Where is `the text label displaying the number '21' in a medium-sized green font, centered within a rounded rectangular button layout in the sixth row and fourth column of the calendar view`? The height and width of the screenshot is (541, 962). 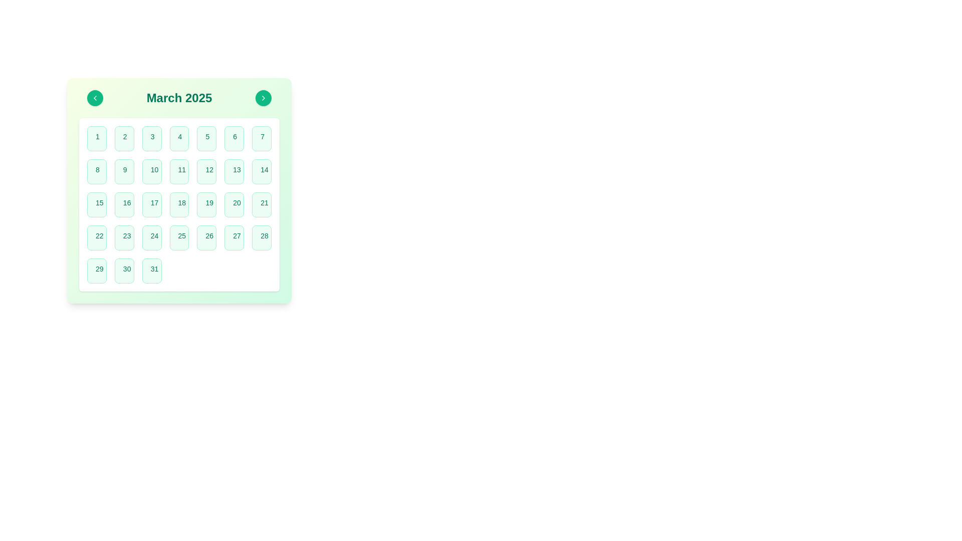 the text label displaying the number '21' in a medium-sized green font, centered within a rounded rectangular button layout in the sixth row and fourth column of the calendar view is located at coordinates (265, 203).